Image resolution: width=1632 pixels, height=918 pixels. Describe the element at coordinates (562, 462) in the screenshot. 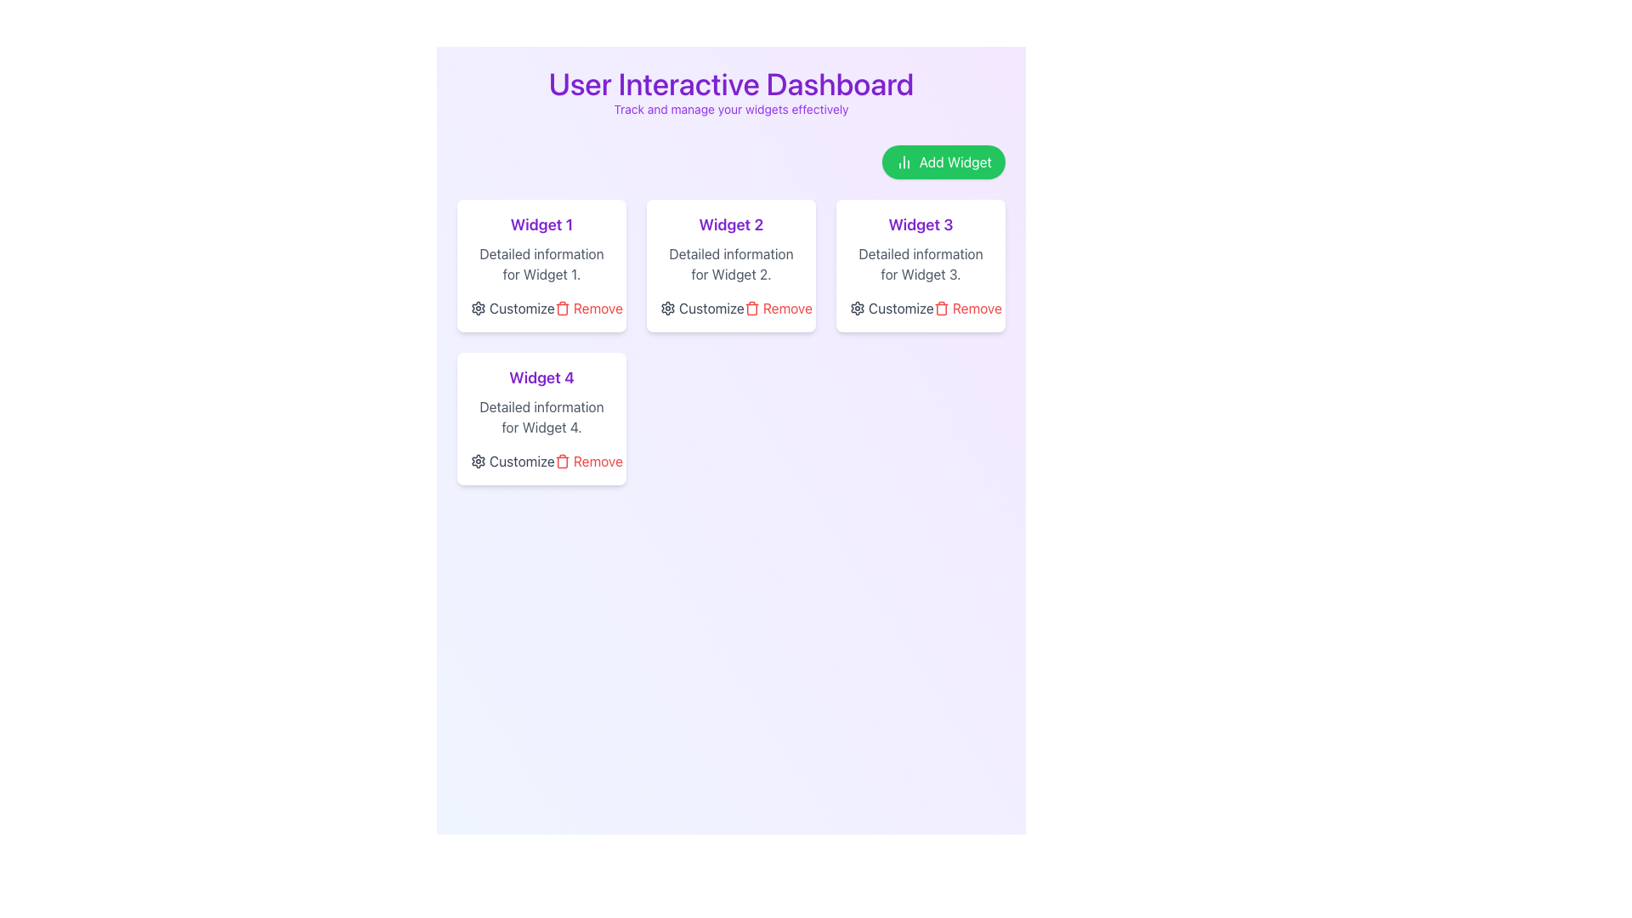

I see `the trash bin icon with red outlines located in the bottom-right corner of 'Widget 4'` at that location.